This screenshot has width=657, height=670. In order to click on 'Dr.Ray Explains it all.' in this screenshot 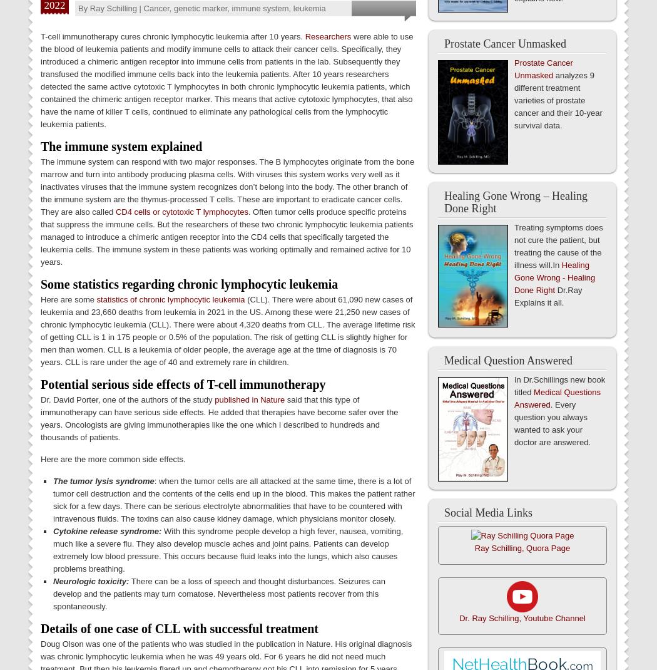, I will do `click(547, 296)`.